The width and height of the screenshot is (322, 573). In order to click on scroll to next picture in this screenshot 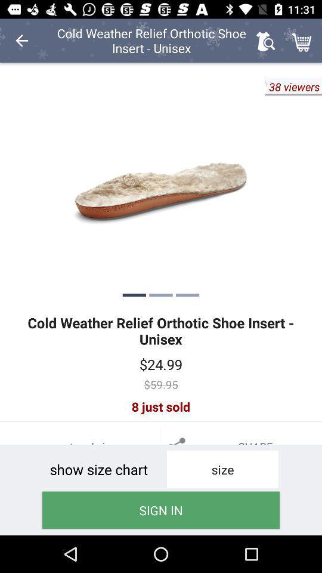, I will do `click(161, 184)`.